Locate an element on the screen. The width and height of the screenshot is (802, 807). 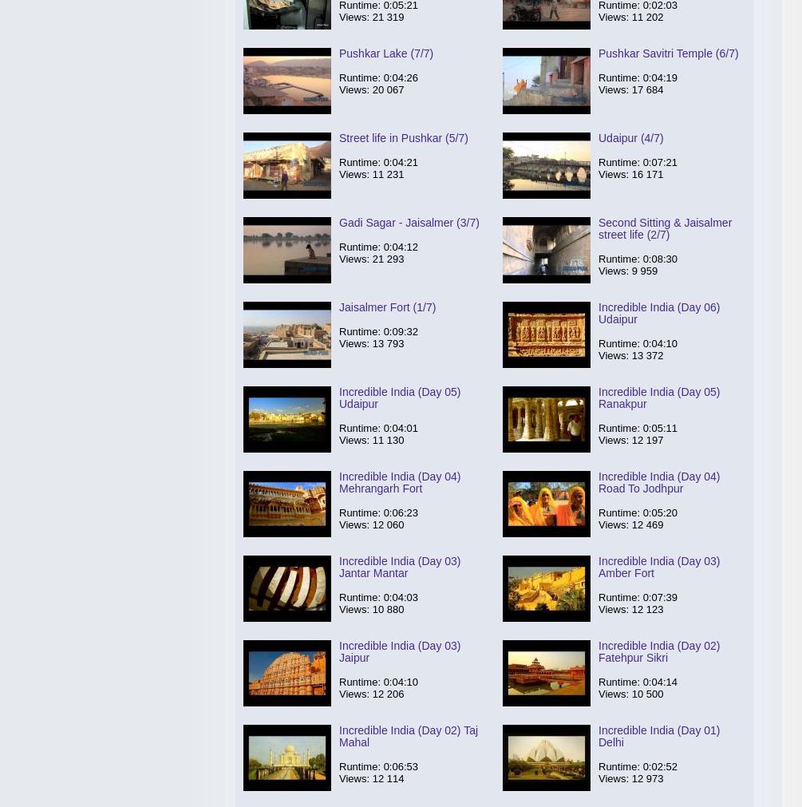
'13 372' is located at coordinates (647, 354).